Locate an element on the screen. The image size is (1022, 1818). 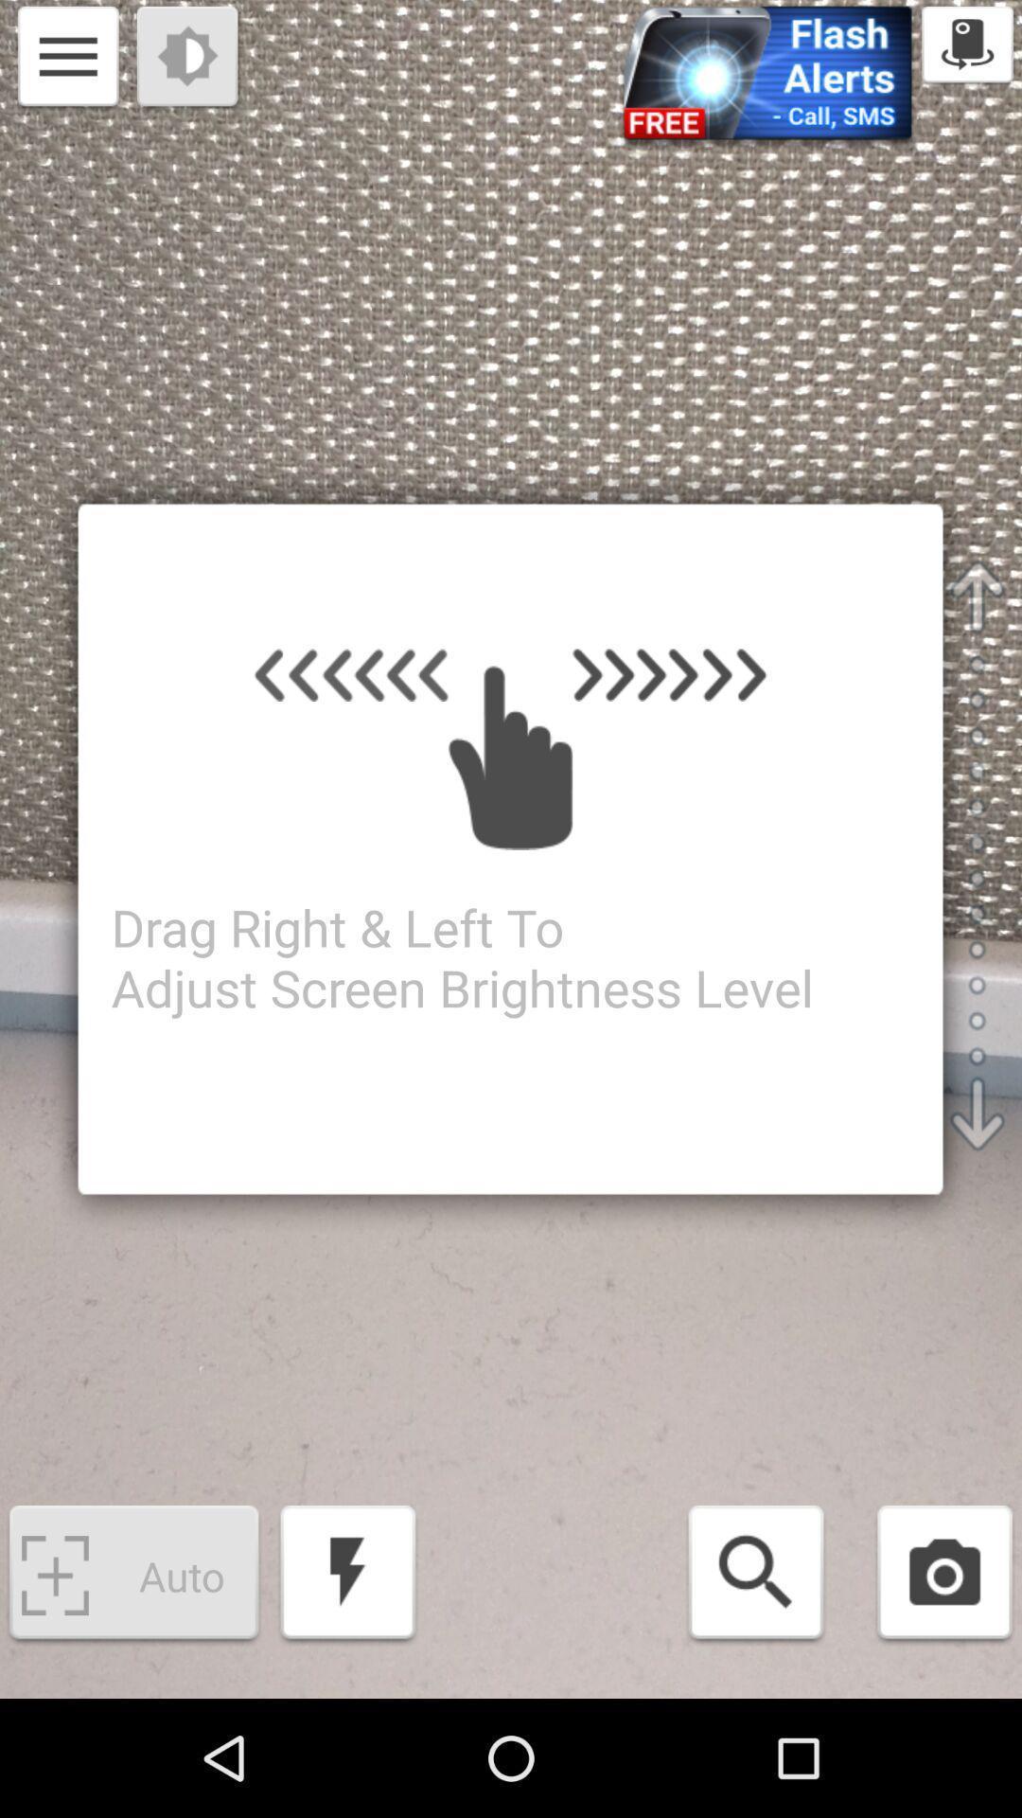
the item next to auto app is located at coordinates (347, 1576).